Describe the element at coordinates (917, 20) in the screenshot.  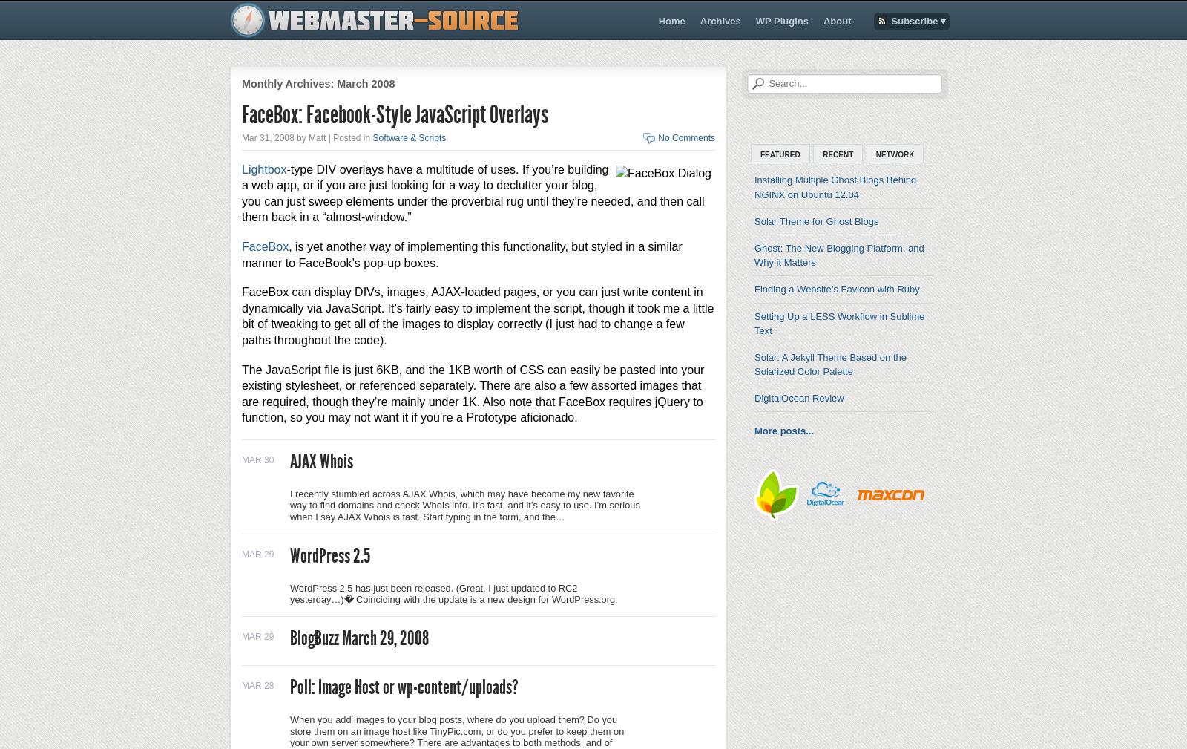
I see `'Subscribe ▾'` at that location.